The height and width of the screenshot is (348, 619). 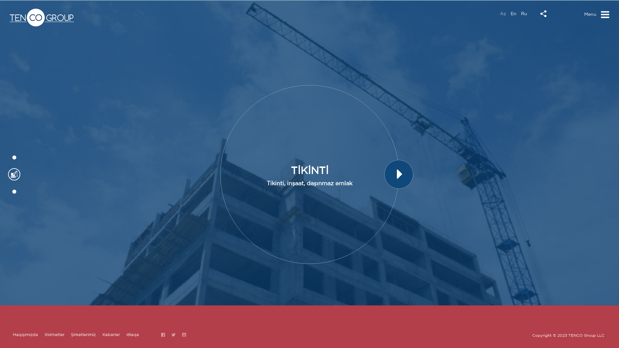 What do you see at coordinates (521, 14) in the screenshot?
I see `'Ru'` at bounding box center [521, 14].